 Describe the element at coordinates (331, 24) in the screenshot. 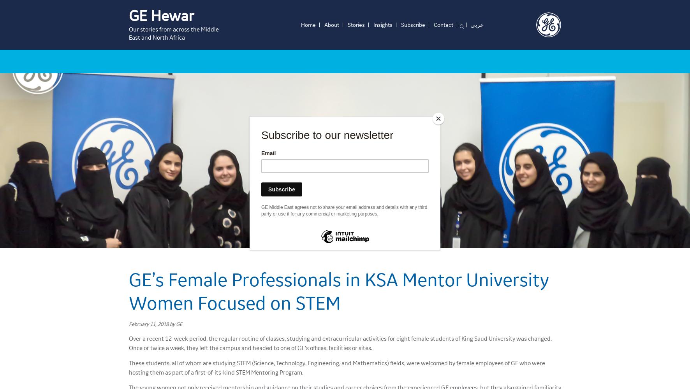

I see `'About'` at that location.